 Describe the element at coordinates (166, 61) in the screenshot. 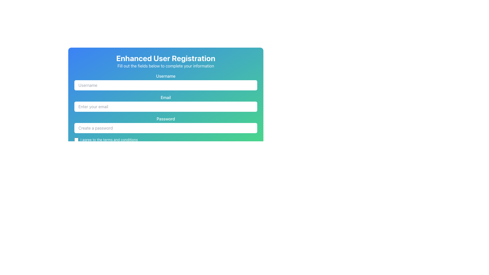

I see `the heading section titled 'Enhanced User Registration' which includes a subtitle instructing users to fill out the fields below` at that location.